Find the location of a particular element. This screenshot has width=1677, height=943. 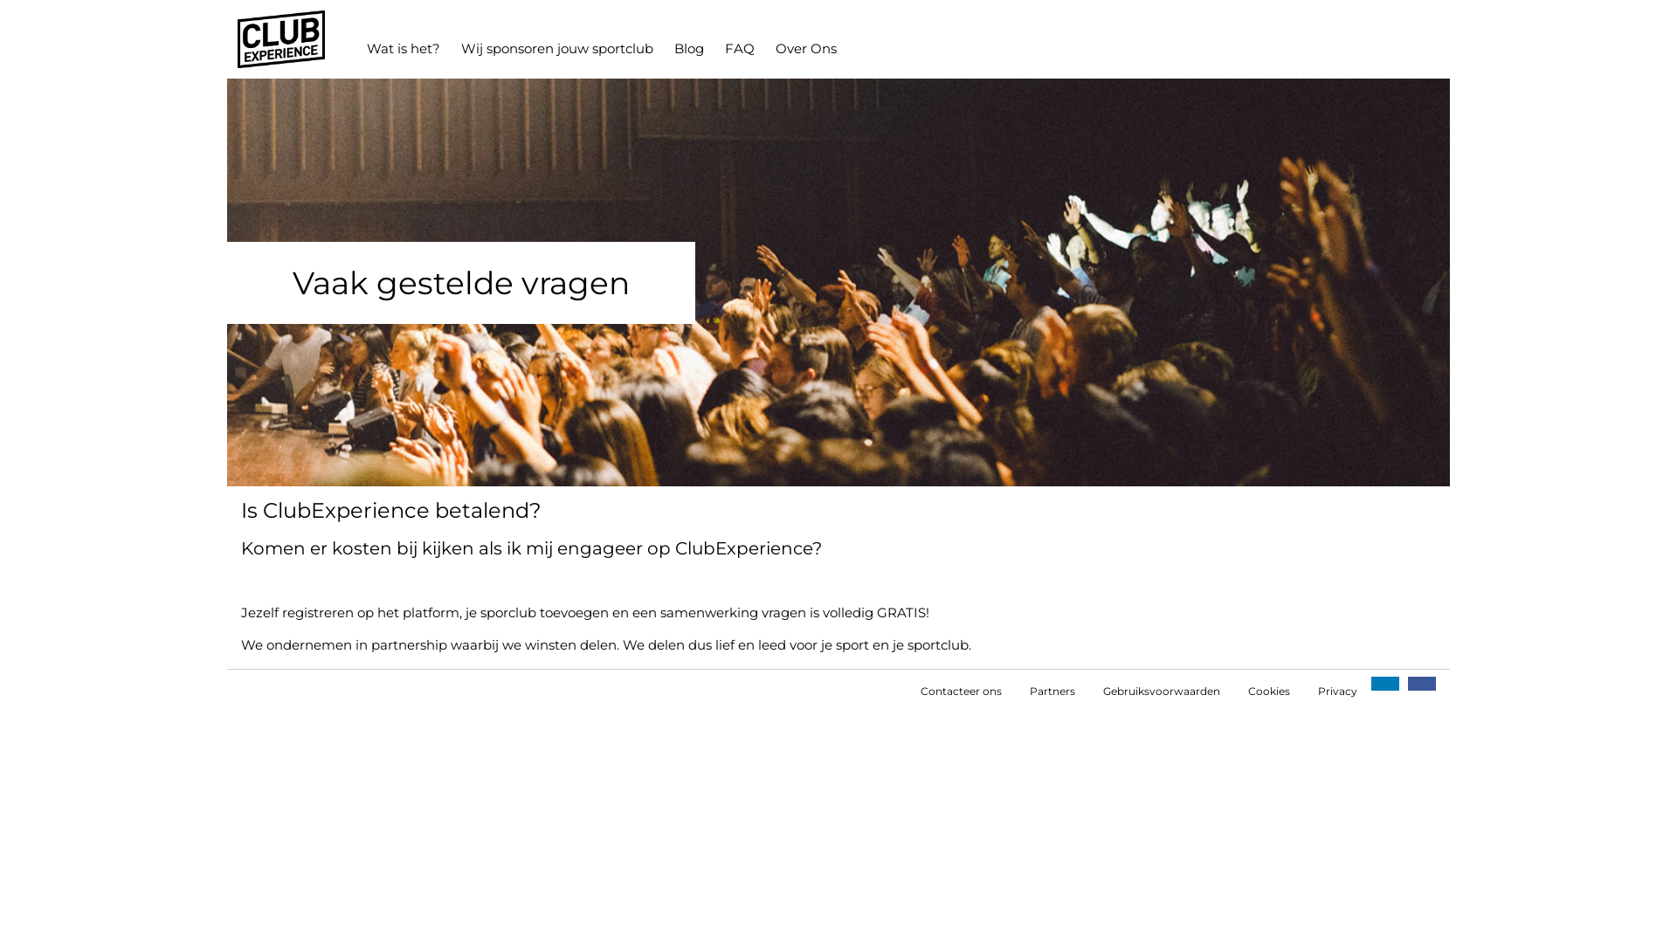

'Over Ons' is located at coordinates (764, 48).